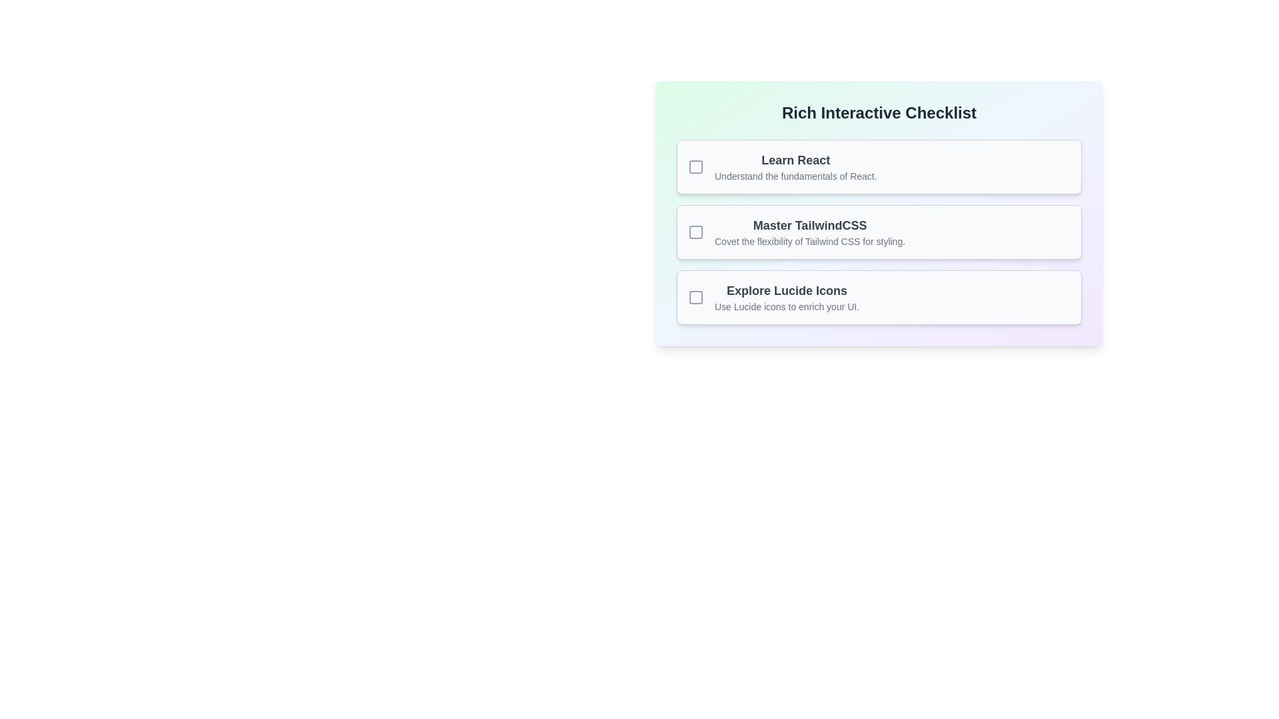  What do you see at coordinates (795, 166) in the screenshot?
I see `the Text block (rich text) that describes the title and details of a checklist item related to learning React, which is the first item in the 'Rich Interactive Checklist.'` at bounding box center [795, 166].